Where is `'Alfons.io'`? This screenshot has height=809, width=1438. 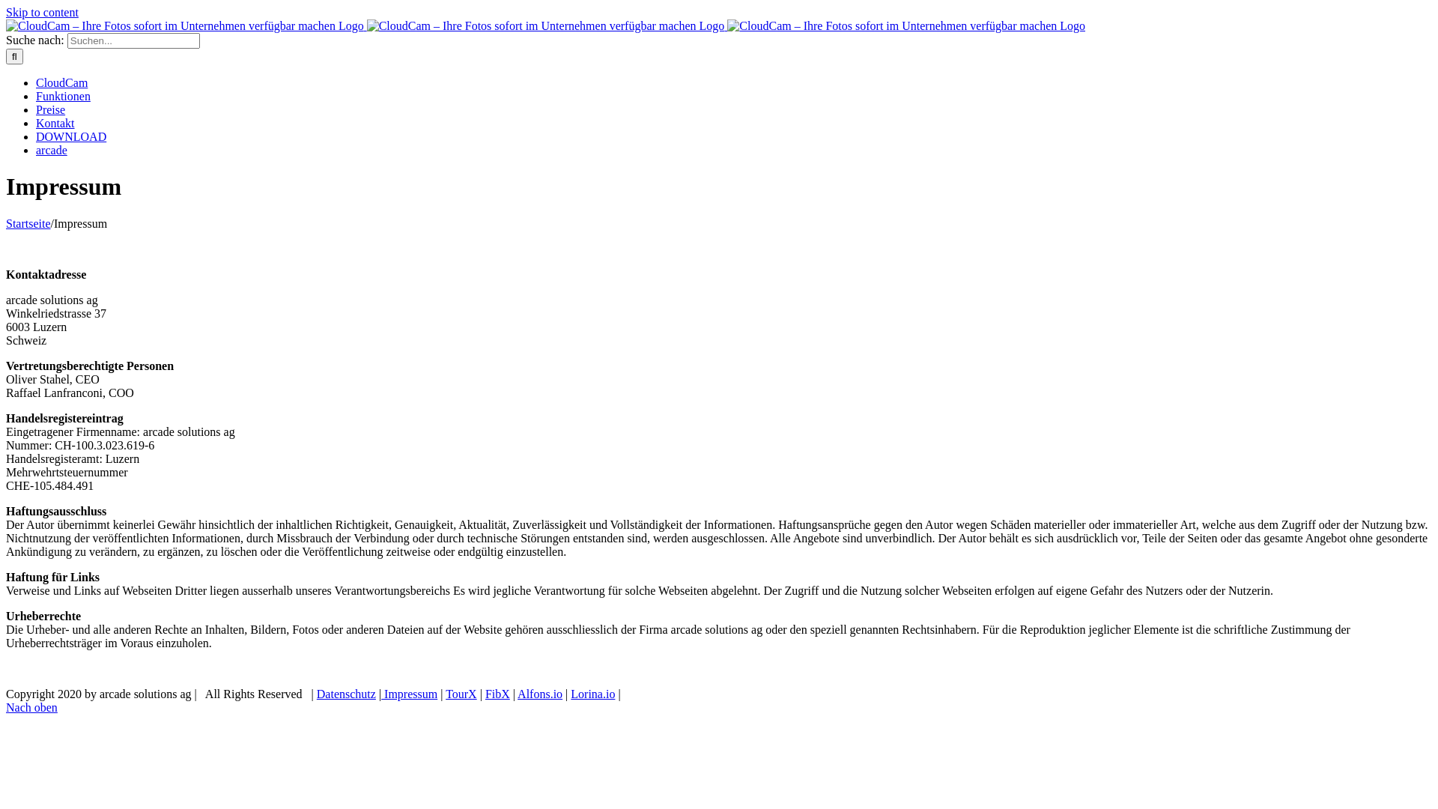
'Alfons.io' is located at coordinates (539, 694).